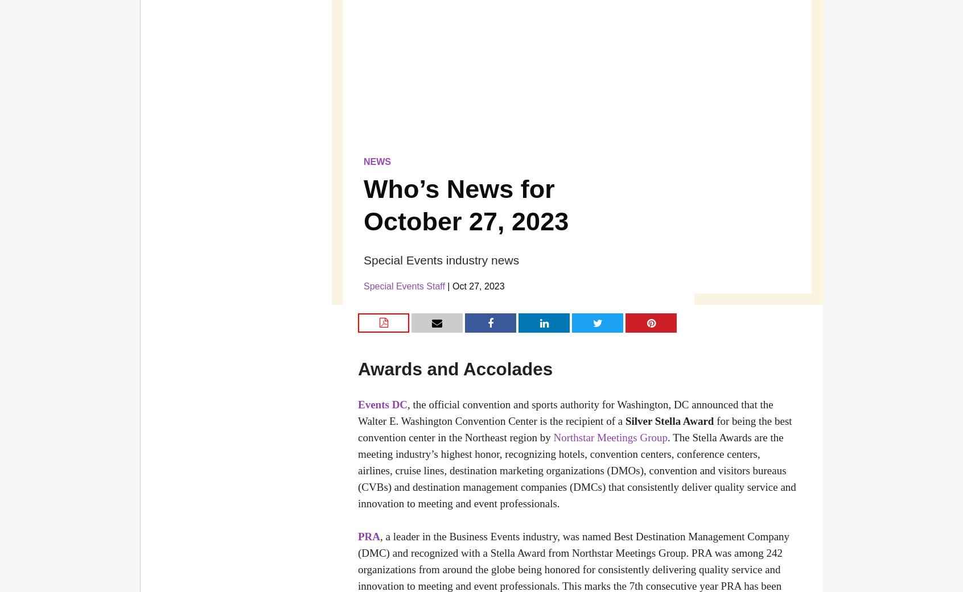  Describe the element at coordinates (455, 368) in the screenshot. I see `'Awards and Accolades'` at that location.